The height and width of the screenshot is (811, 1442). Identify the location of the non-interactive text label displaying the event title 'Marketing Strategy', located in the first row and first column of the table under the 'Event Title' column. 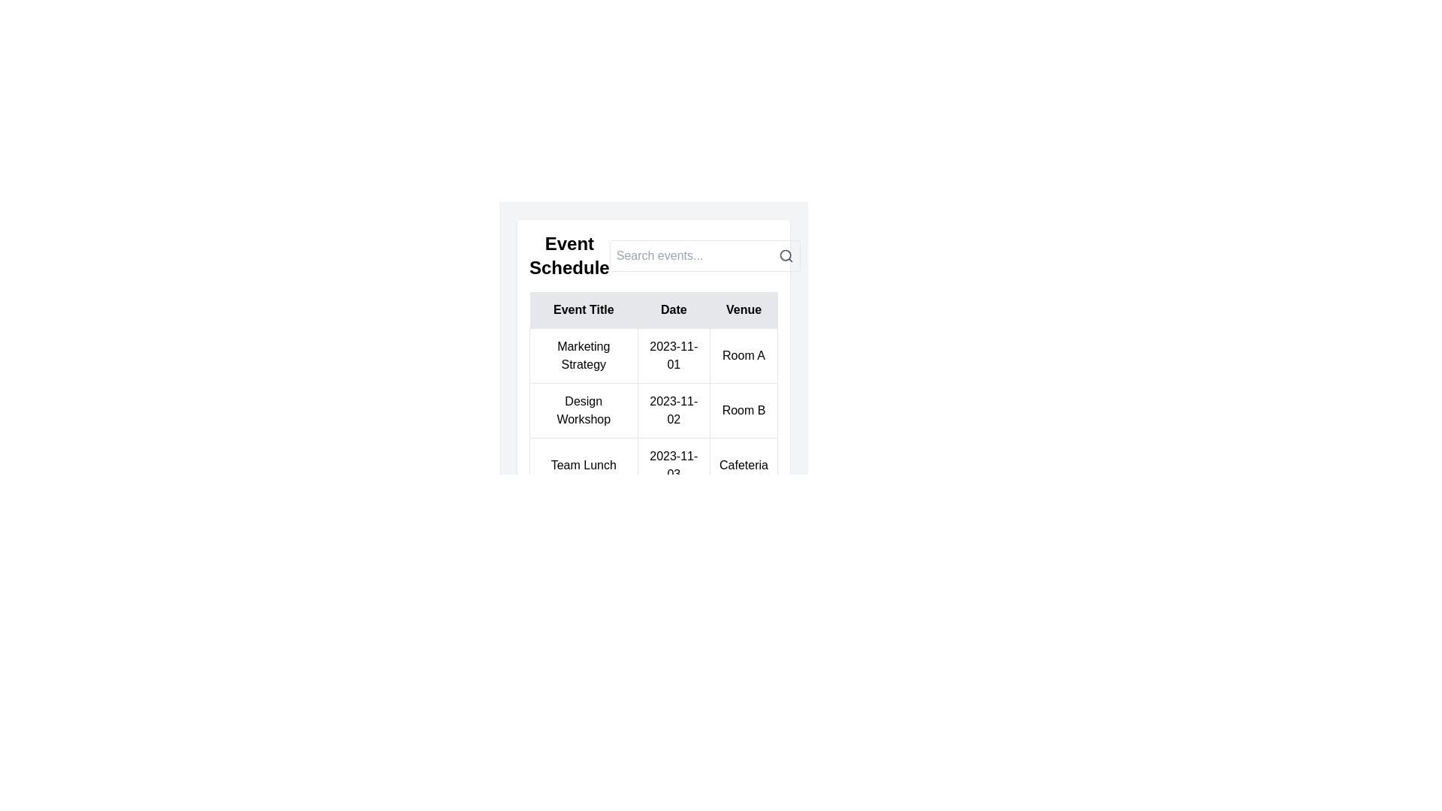
(583, 356).